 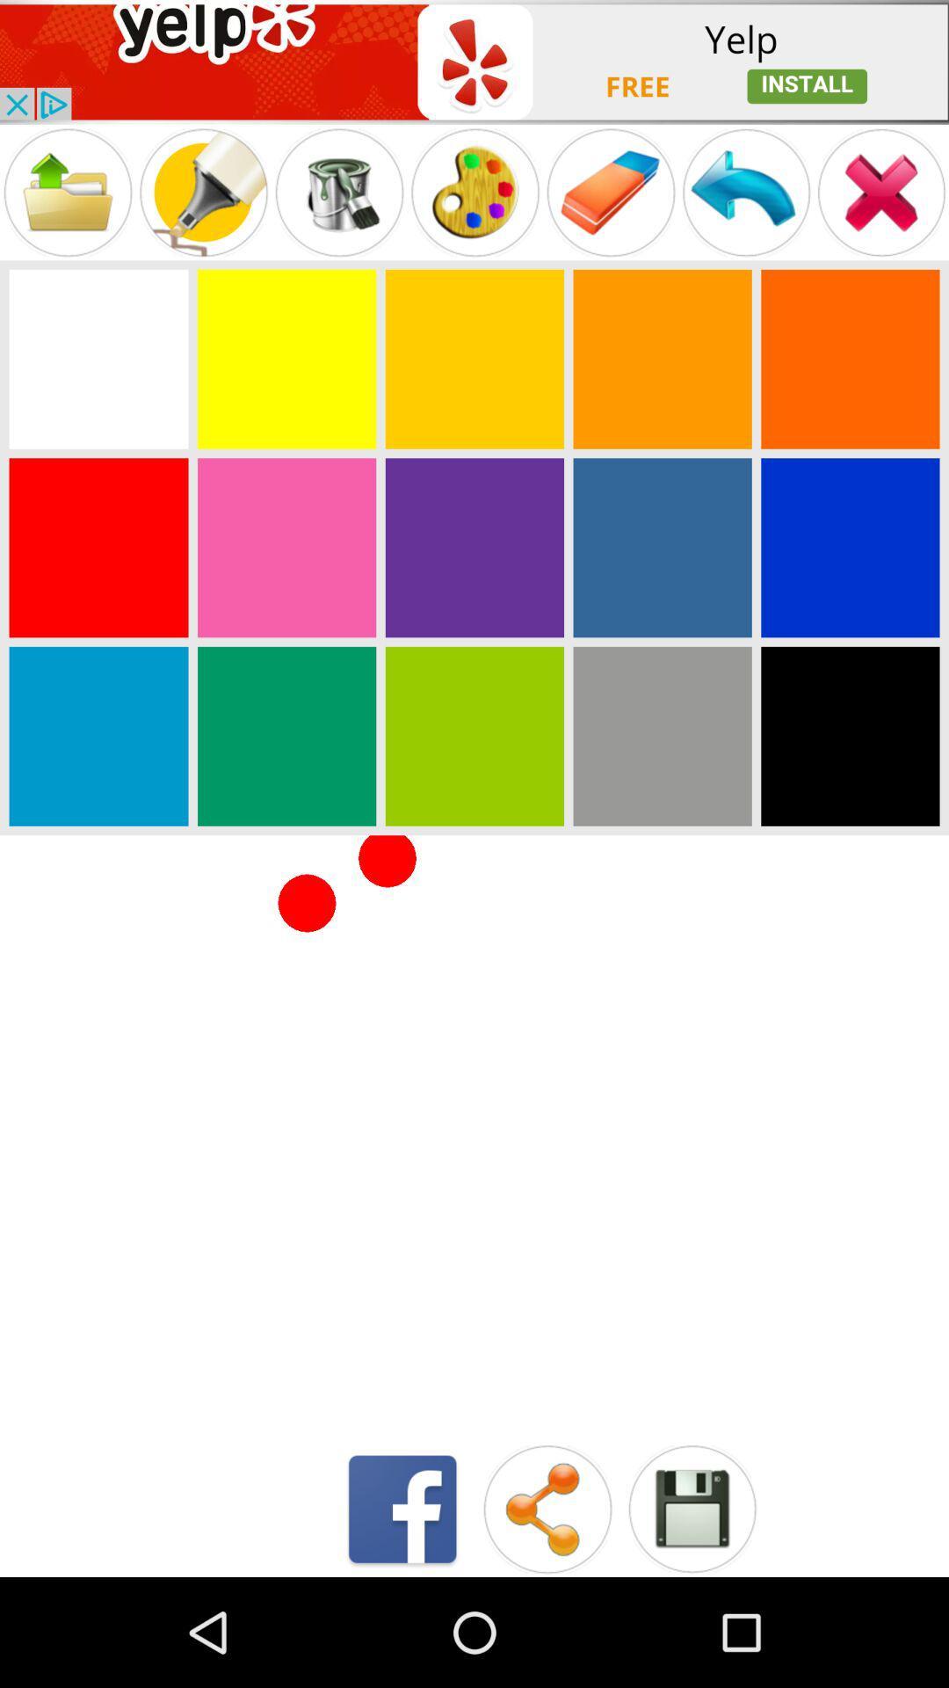 I want to click on colours, so click(x=98, y=358).